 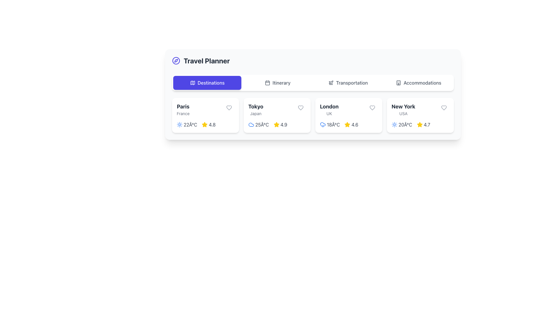 I want to click on the informational display block showing the temperature '20°C' and rating '4.7' for New York, USA, located at the bottom section of the card, so click(x=420, y=124).